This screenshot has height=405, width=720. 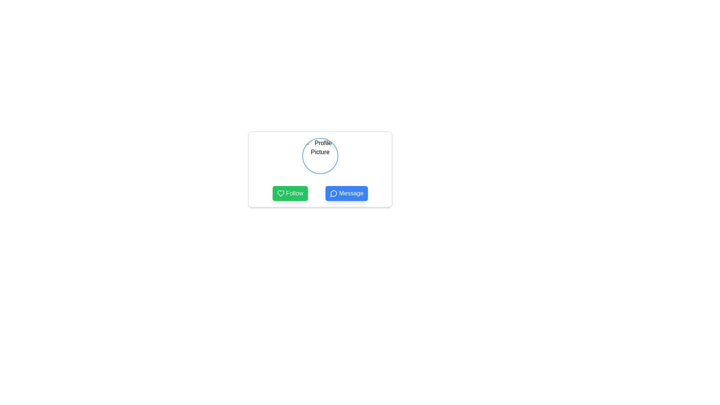 What do you see at coordinates (280, 193) in the screenshot?
I see `the heart icon located on the left side of the 'Follow' button` at bounding box center [280, 193].